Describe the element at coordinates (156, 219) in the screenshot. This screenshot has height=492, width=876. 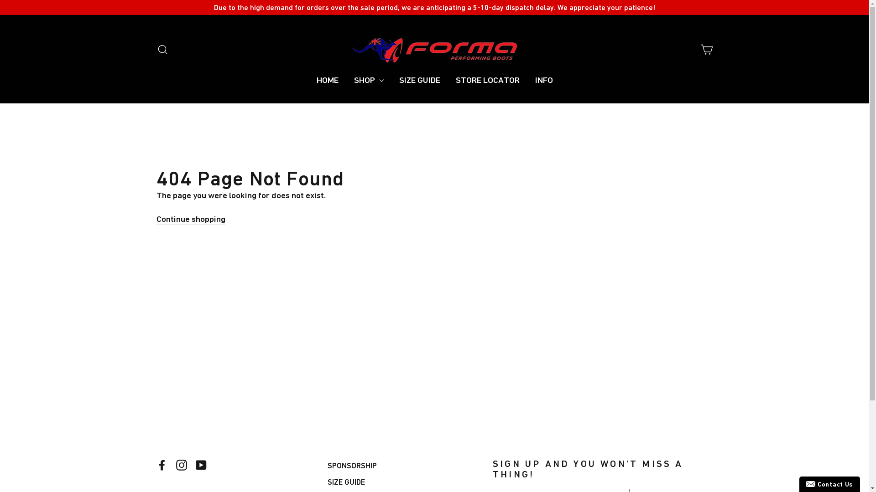
I see `'Continue shopping'` at that location.